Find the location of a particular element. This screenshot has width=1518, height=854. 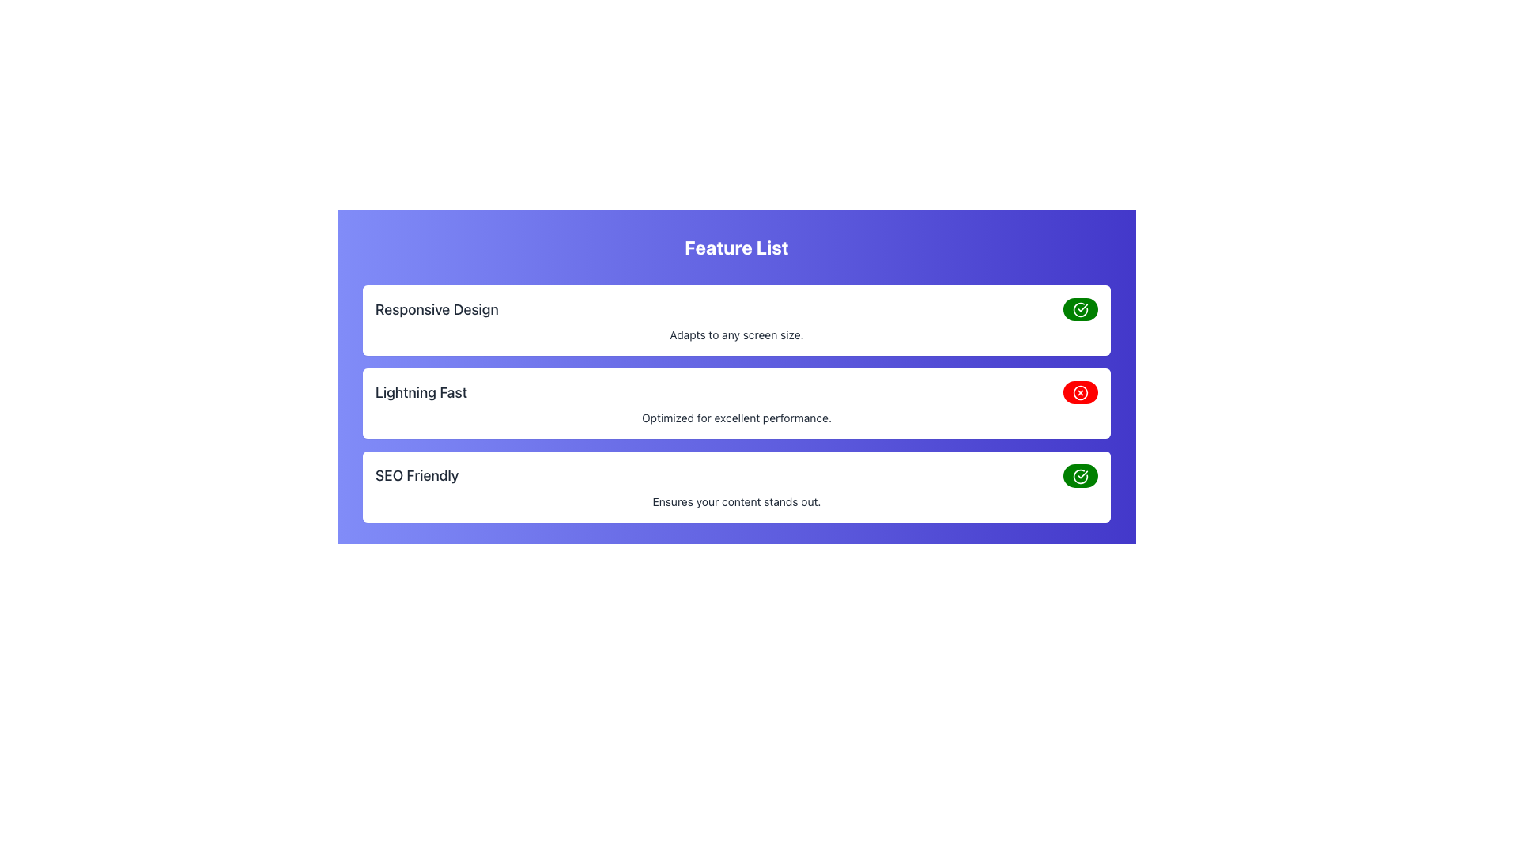

the text label located below the title 'Lightning Fast' in the second feature card to focus on it is located at coordinates (735, 417).